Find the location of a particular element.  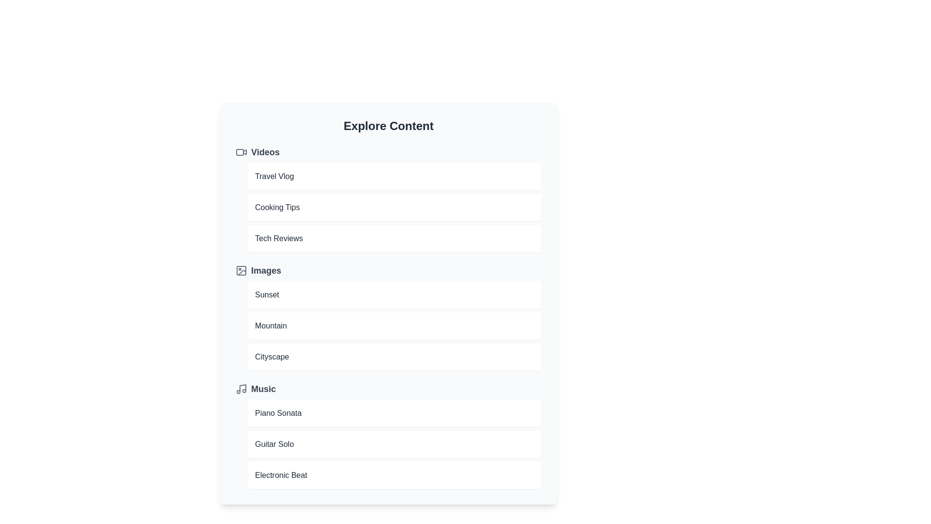

the item Travel Vlog to open it is located at coordinates (394, 176).